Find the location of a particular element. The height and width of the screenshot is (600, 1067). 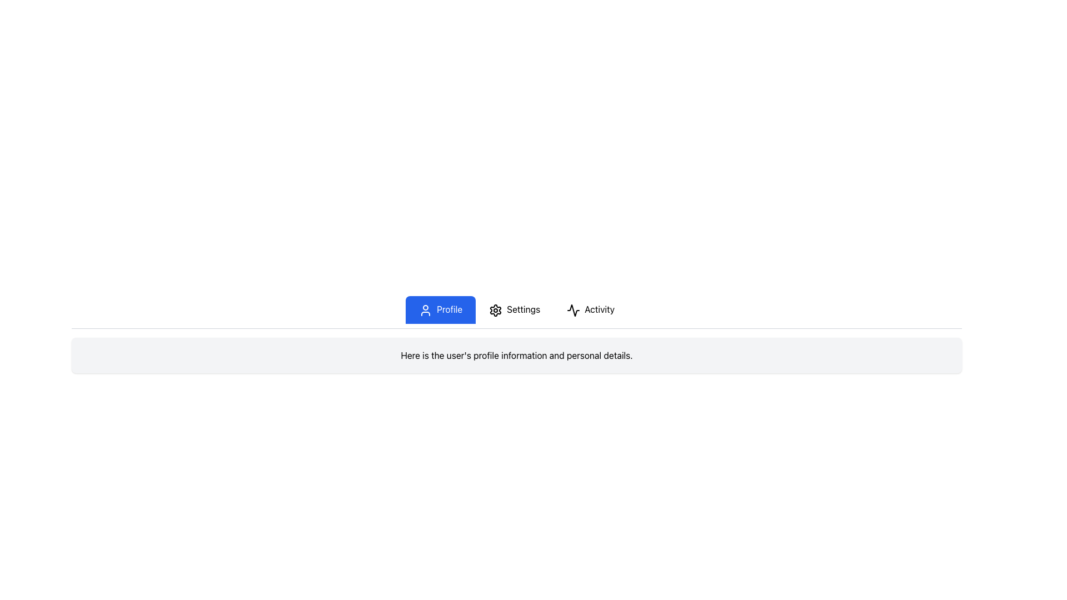

the 'Profile' button, which has a blue background and white text is located at coordinates (440, 309).